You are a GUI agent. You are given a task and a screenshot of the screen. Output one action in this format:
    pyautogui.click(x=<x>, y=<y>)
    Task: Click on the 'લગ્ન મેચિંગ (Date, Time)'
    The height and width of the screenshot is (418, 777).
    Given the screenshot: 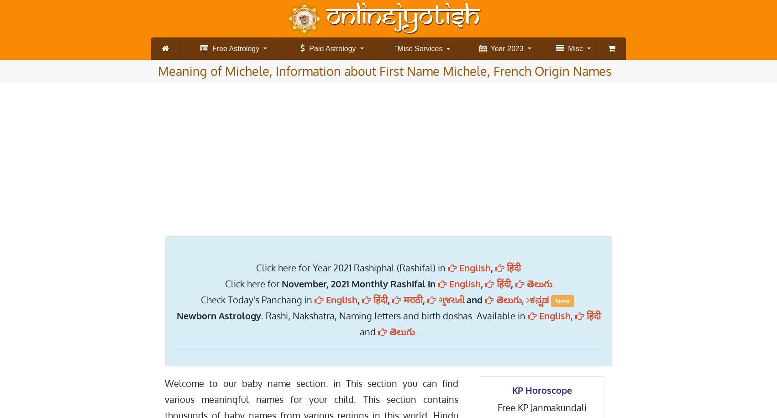 What is the action you would take?
    pyautogui.click(x=556, y=106)
    